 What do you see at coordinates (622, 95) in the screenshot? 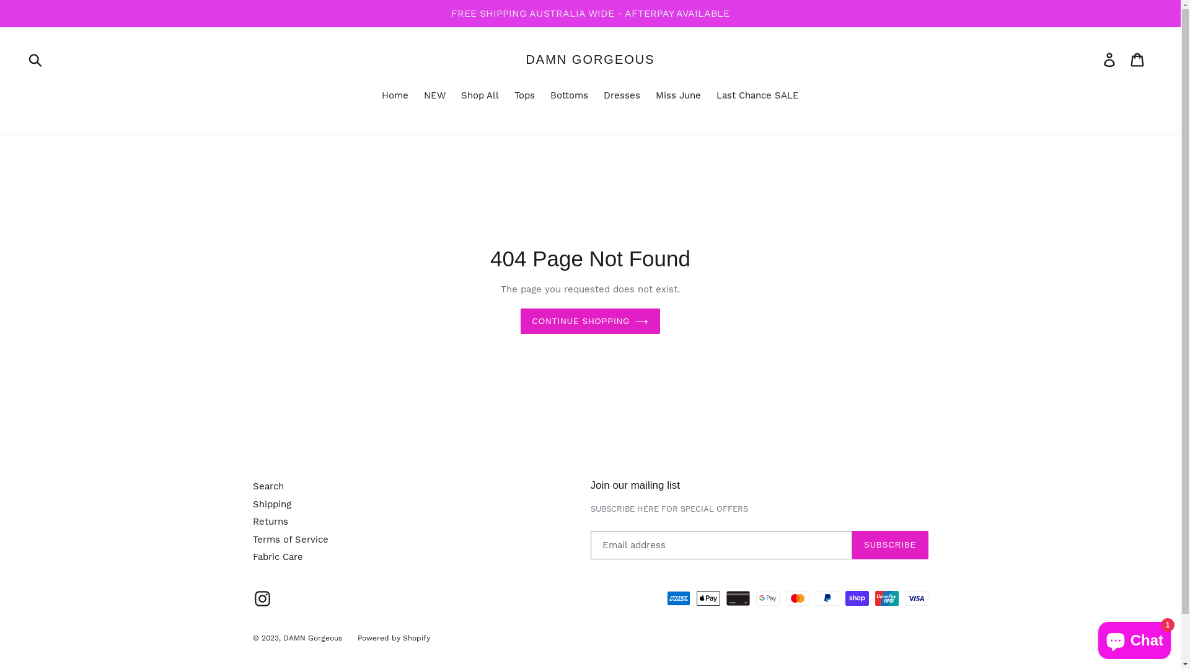
I see `'Dresses'` at bounding box center [622, 95].